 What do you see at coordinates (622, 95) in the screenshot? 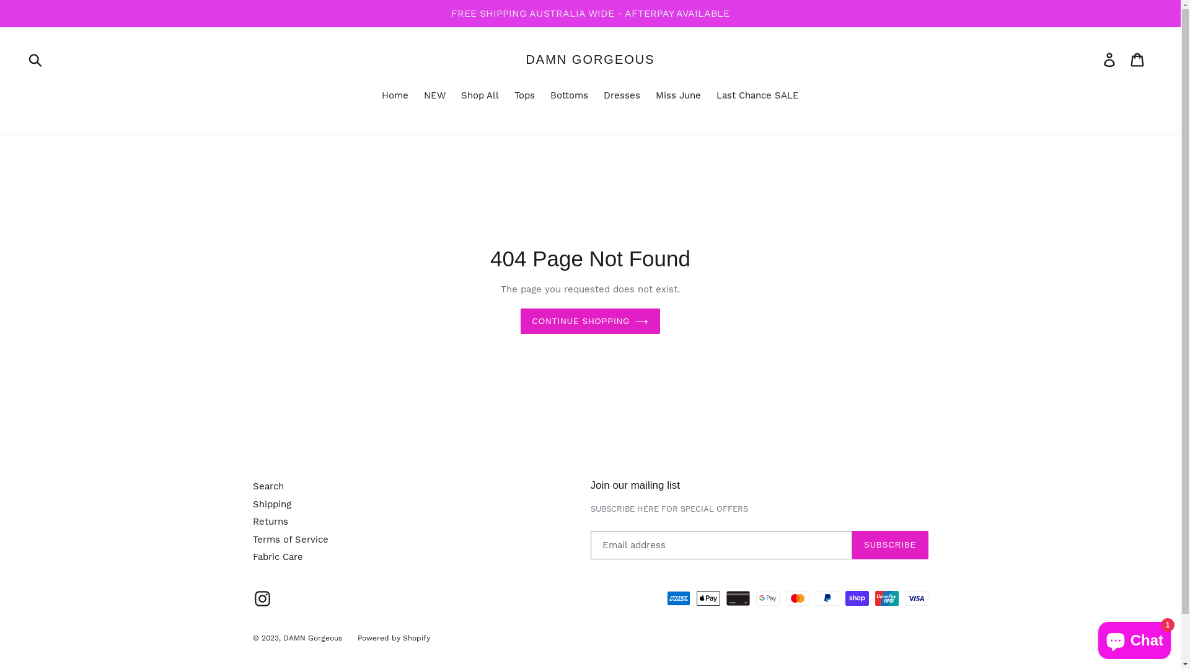
I see `'Dresses'` at bounding box center [622, 95].